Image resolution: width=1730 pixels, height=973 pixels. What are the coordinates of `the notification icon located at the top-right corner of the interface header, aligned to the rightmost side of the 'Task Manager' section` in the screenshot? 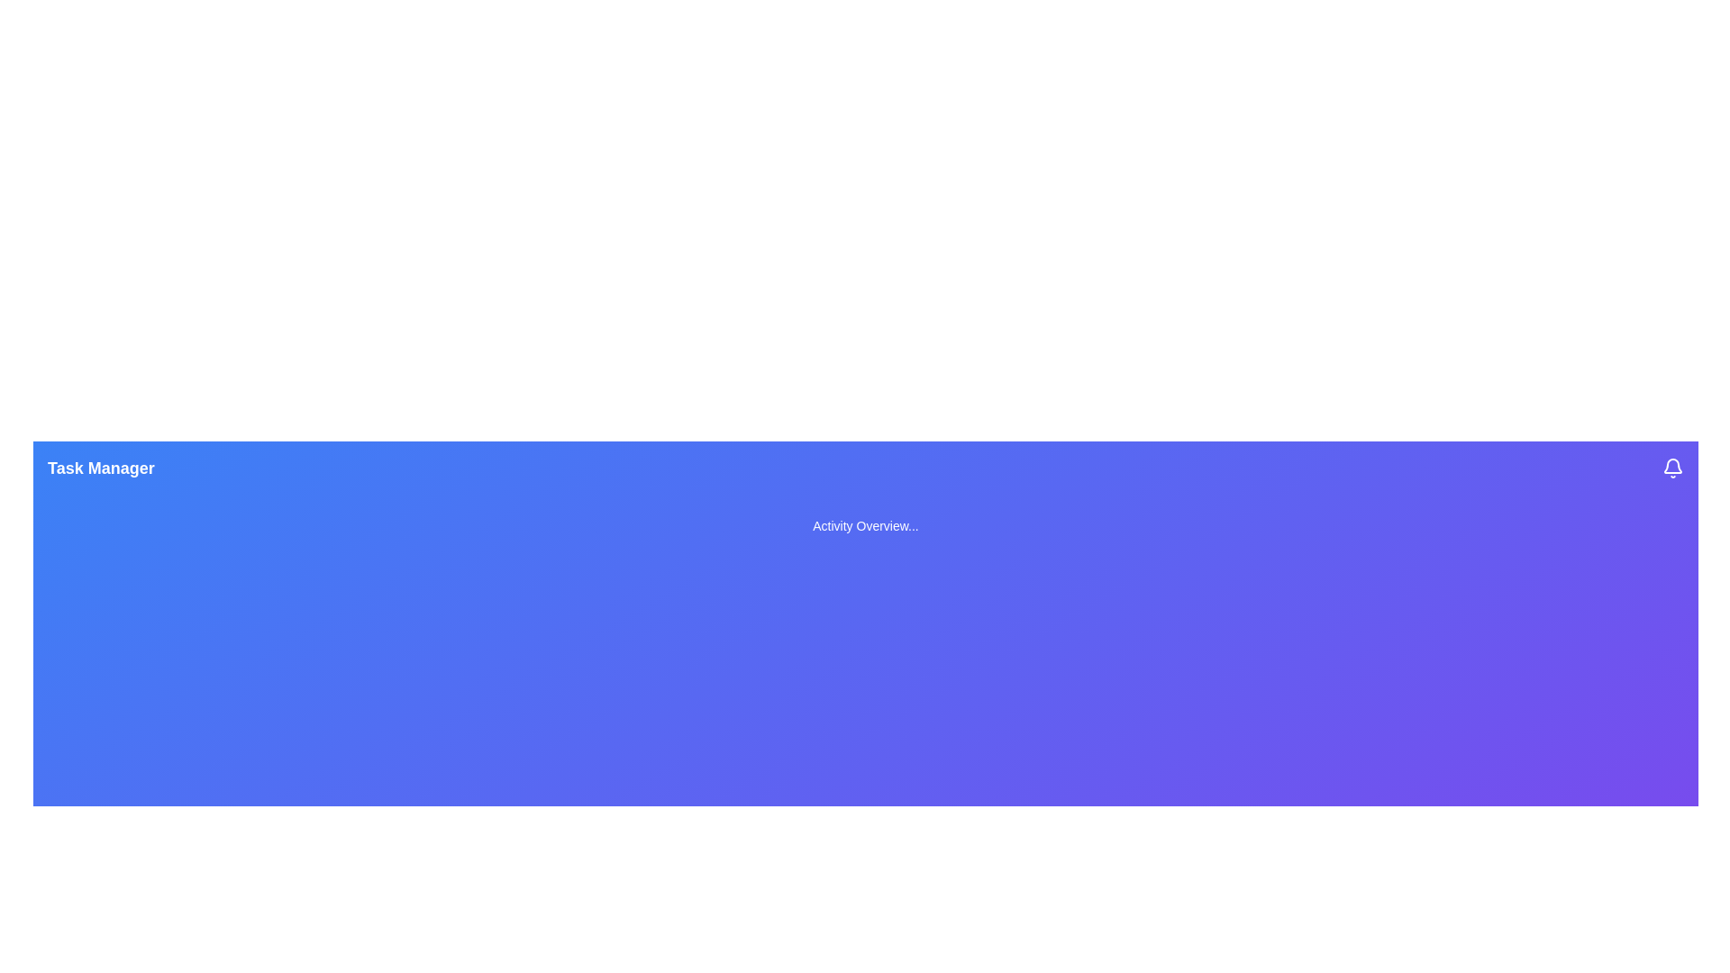 It's located at (1672, 468).